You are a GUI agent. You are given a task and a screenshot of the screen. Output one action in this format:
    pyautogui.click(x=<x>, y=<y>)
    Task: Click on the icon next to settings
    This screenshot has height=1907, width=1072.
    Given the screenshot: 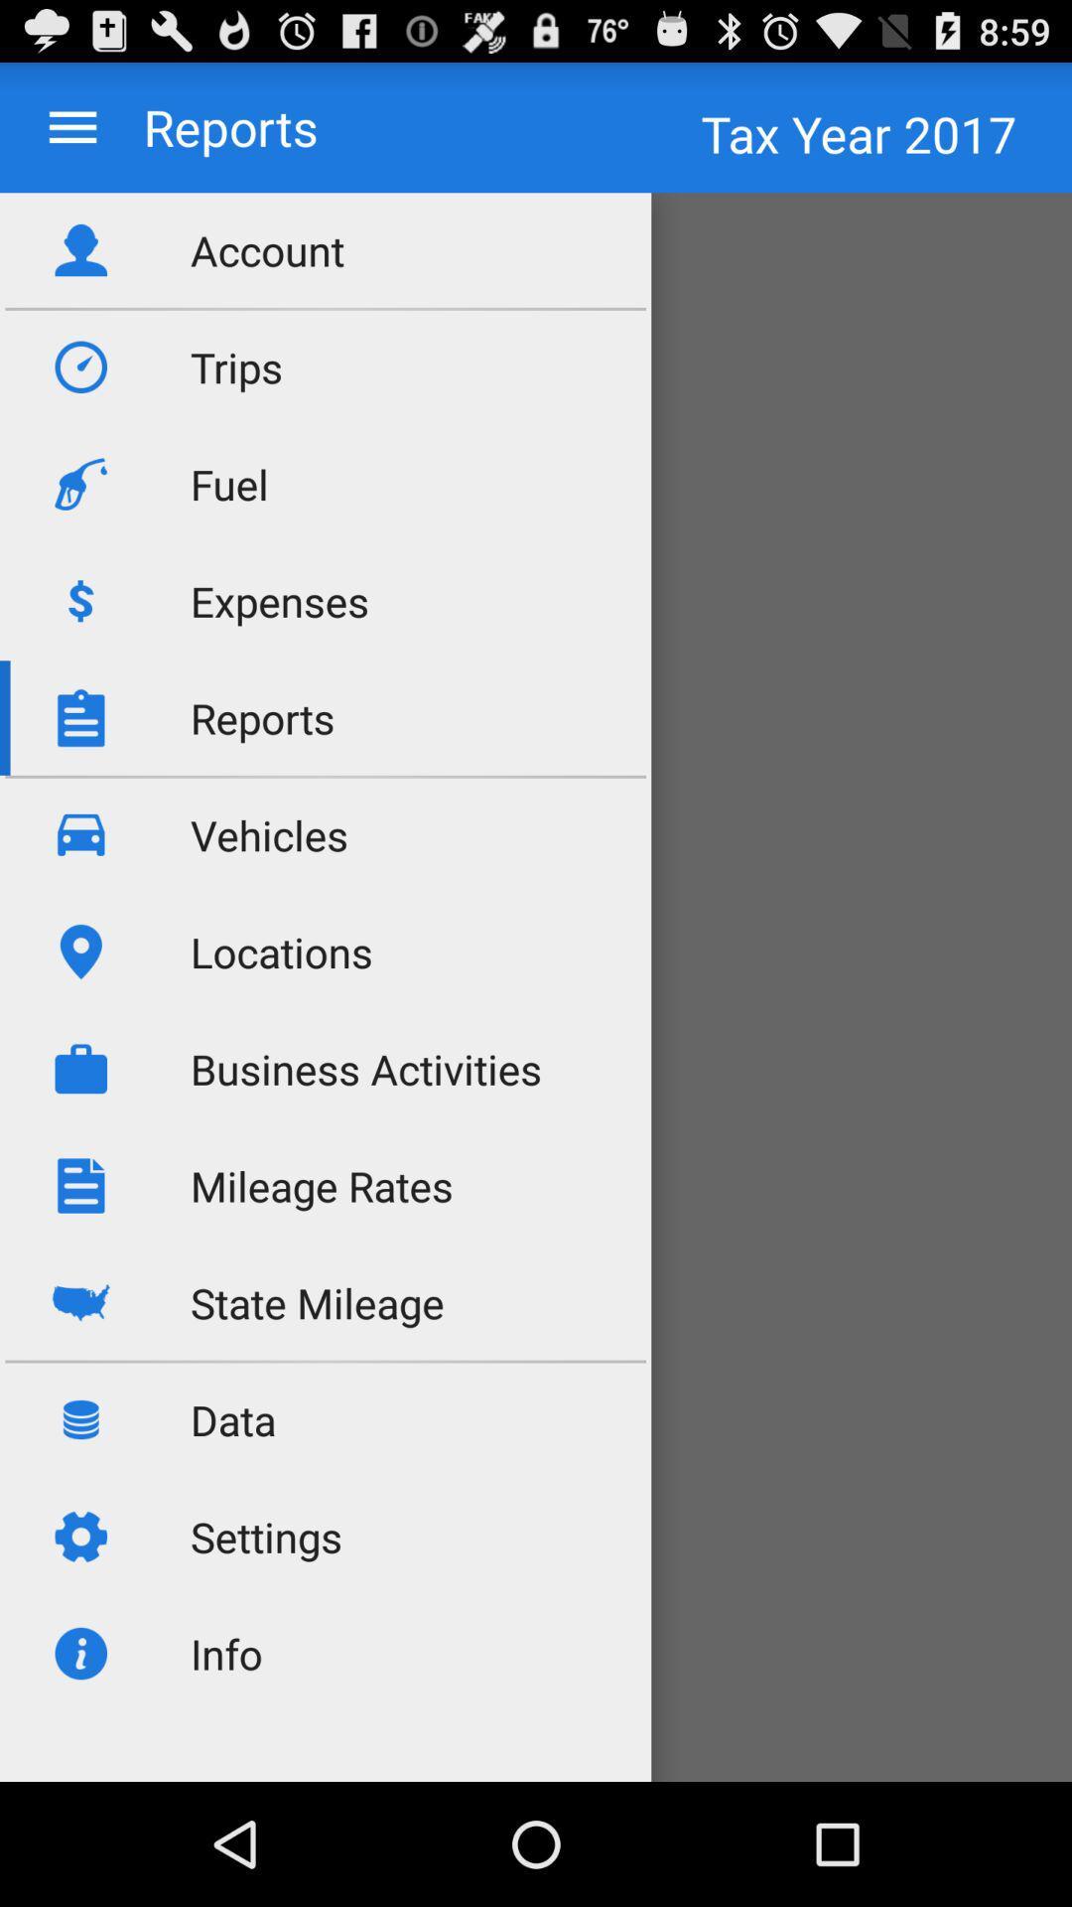 What is the action you would take?
    pyautogui.click(x=536, y=1673)
    